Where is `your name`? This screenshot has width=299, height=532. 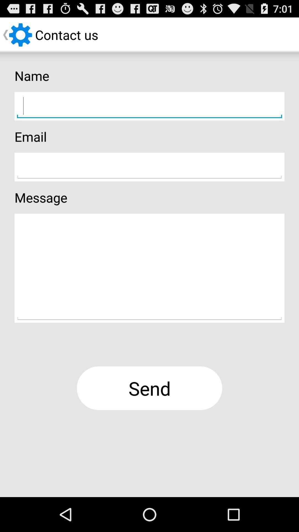
your name is located at coordinates (149, 106).